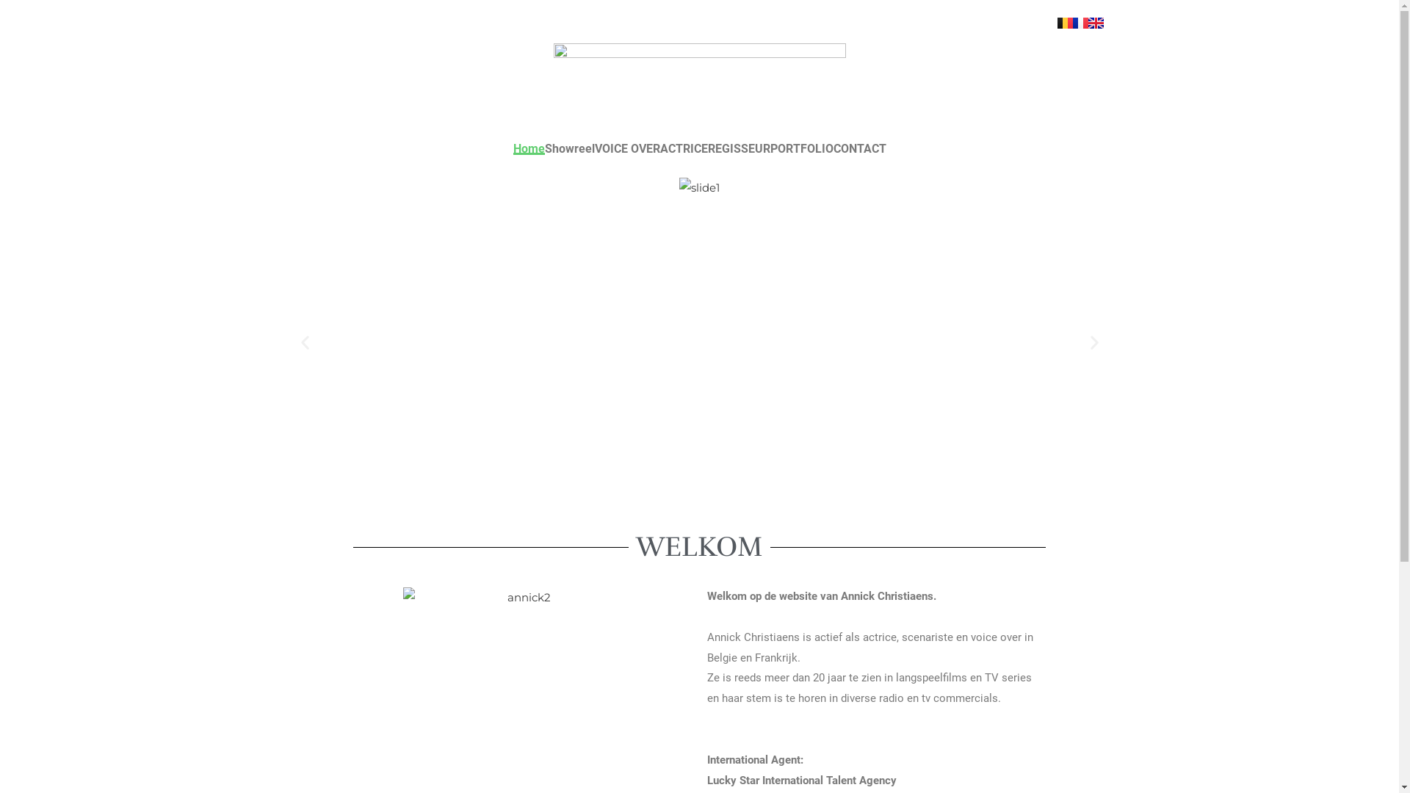  I want to click on 'VOICE OVER', so click(627, 149).